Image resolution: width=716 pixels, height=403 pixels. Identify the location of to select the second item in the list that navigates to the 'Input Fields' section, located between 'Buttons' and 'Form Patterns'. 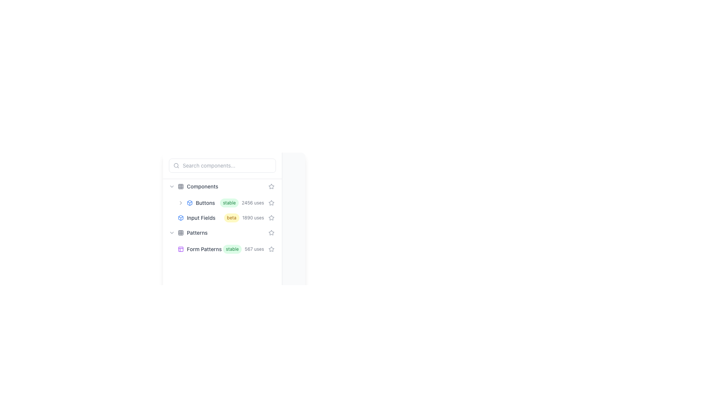
(226, 218).